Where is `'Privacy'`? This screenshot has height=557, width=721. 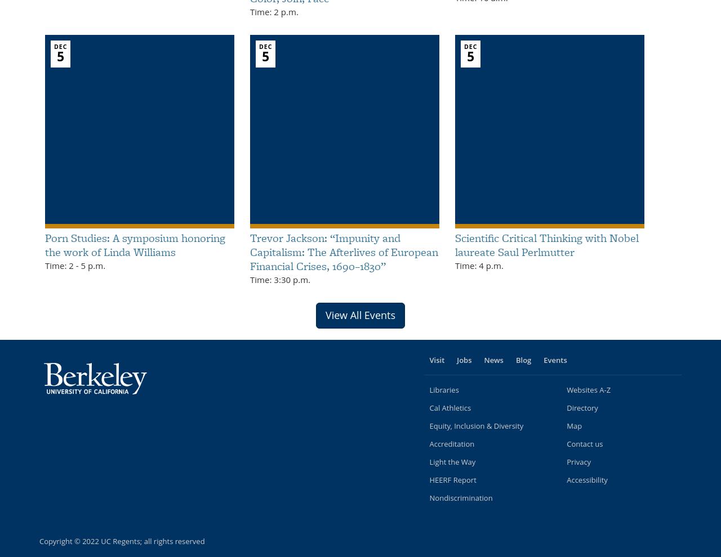
'Privacy' is located at coordinates (578, 461).